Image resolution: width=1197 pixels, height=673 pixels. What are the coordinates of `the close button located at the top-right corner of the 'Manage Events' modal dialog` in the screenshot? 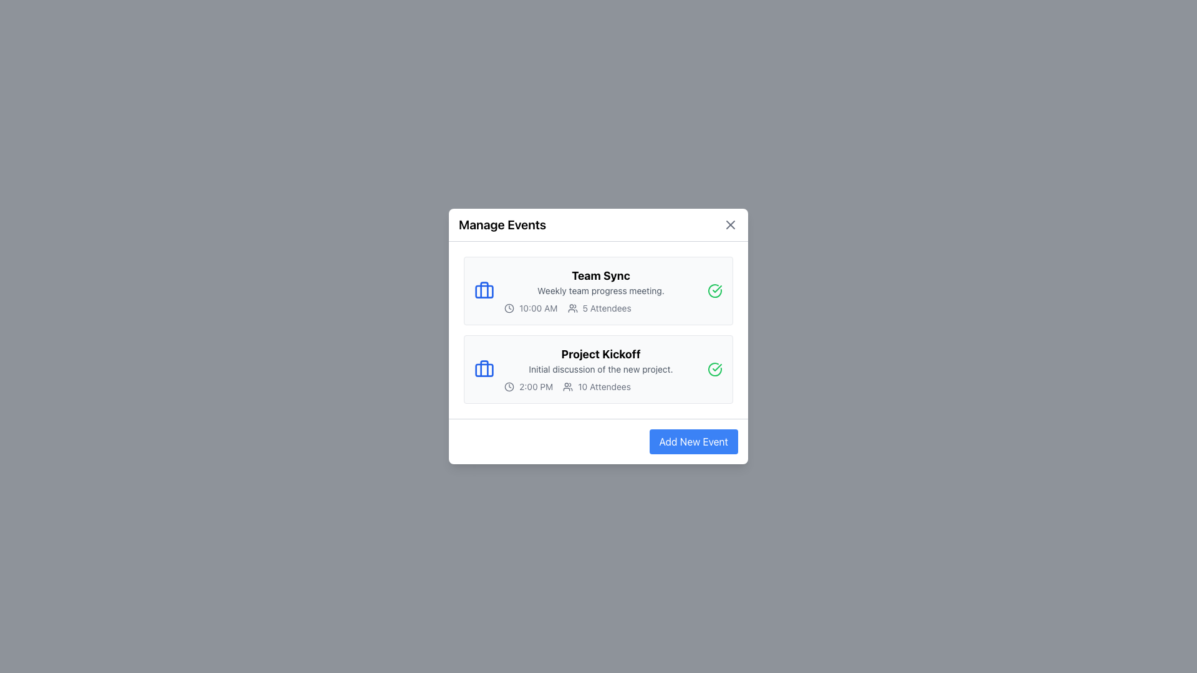 It's located at (730, 225).